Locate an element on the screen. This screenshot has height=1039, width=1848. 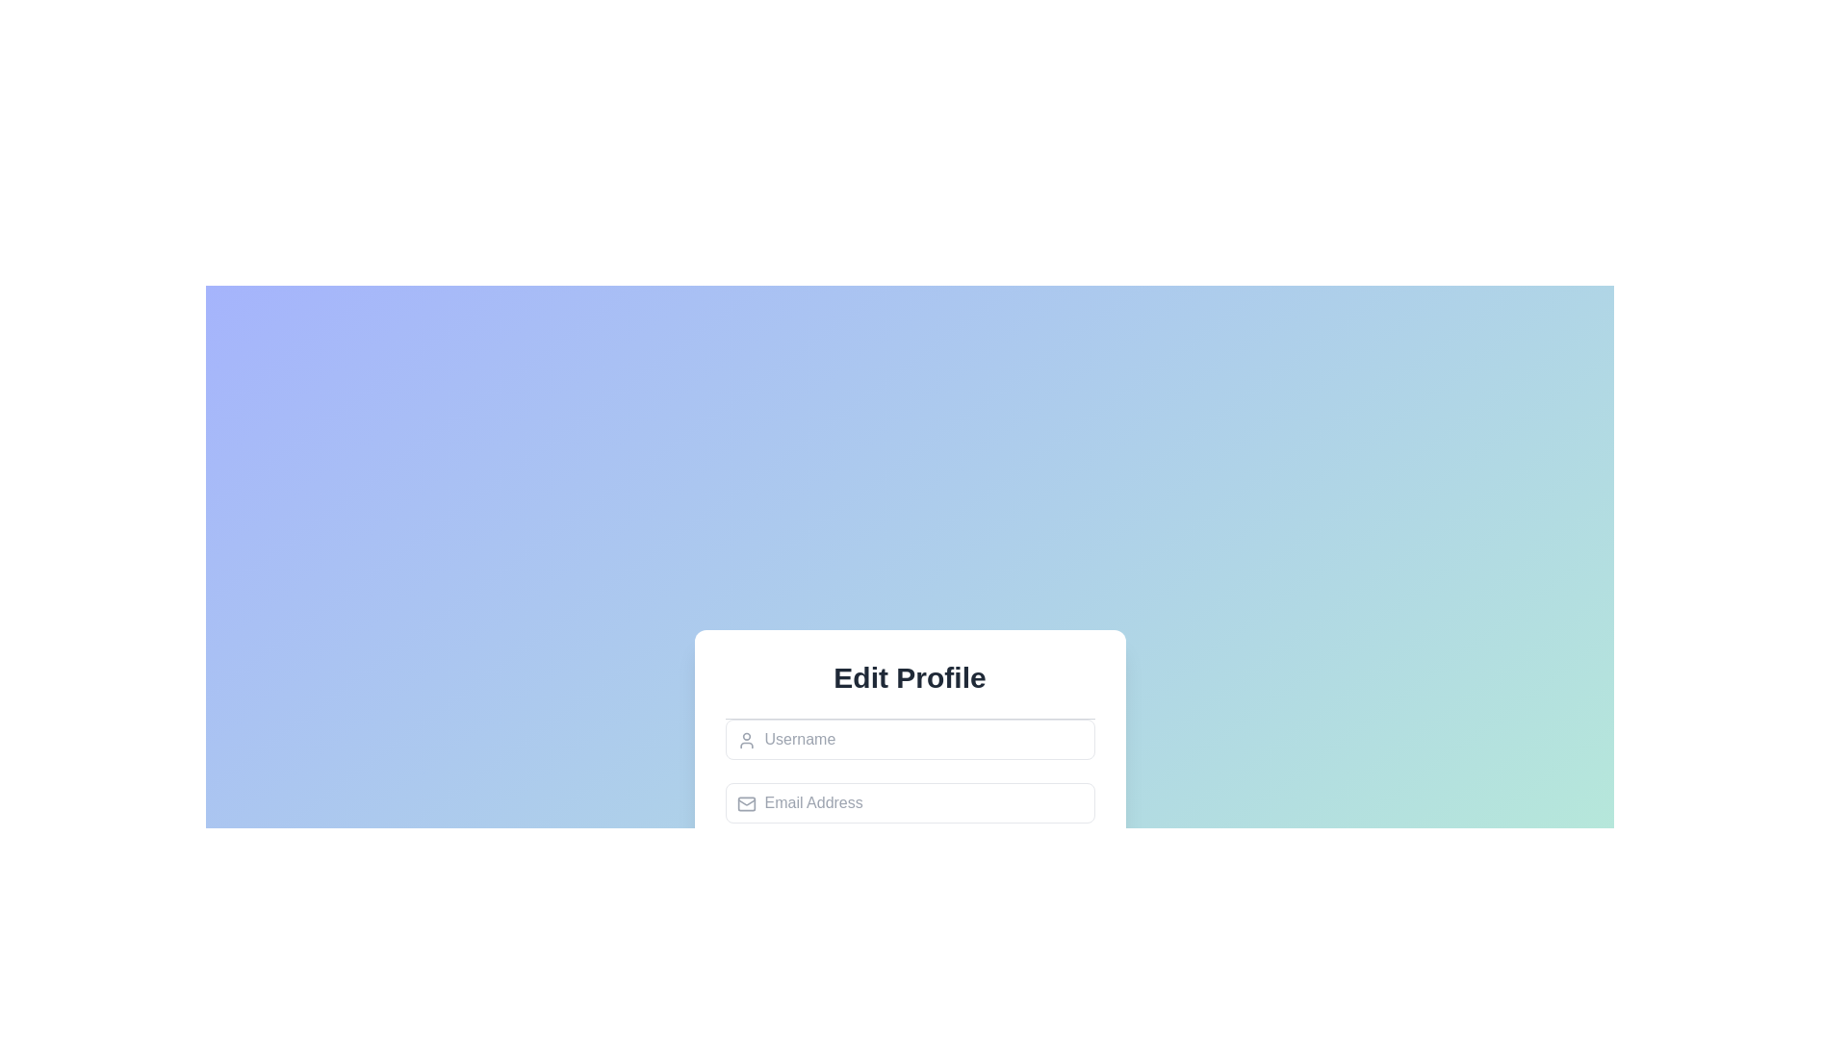
the email address input field located under the 'Username' input in the 'Edit Profile' form to focus into the input is located at coordinates (909, 802).